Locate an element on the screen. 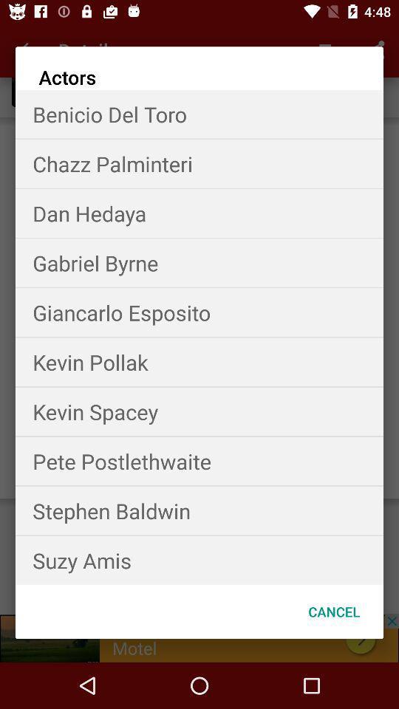  item above    suzy amis icon is located at coordinates (199, 510).